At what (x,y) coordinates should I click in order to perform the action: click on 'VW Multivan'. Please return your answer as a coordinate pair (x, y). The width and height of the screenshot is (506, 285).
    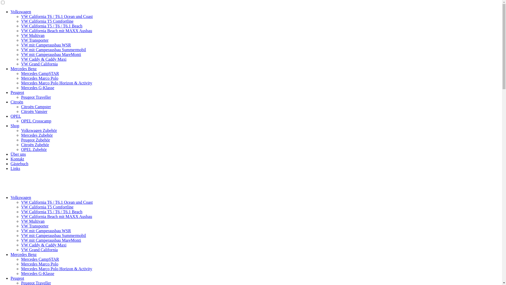
    Looking at the image, I should click on (21, 221).